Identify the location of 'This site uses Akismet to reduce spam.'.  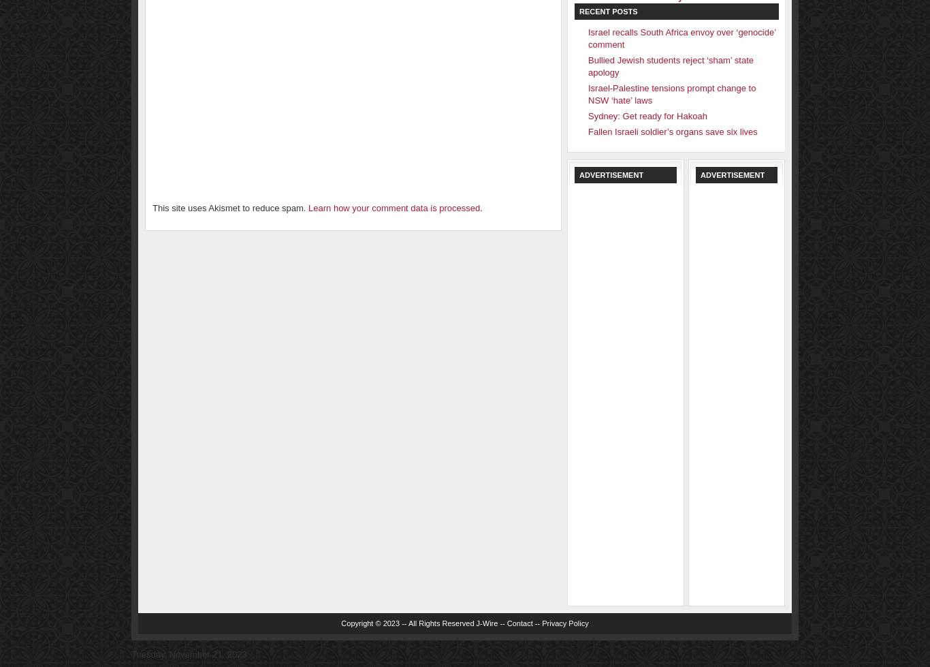
(230, 207).